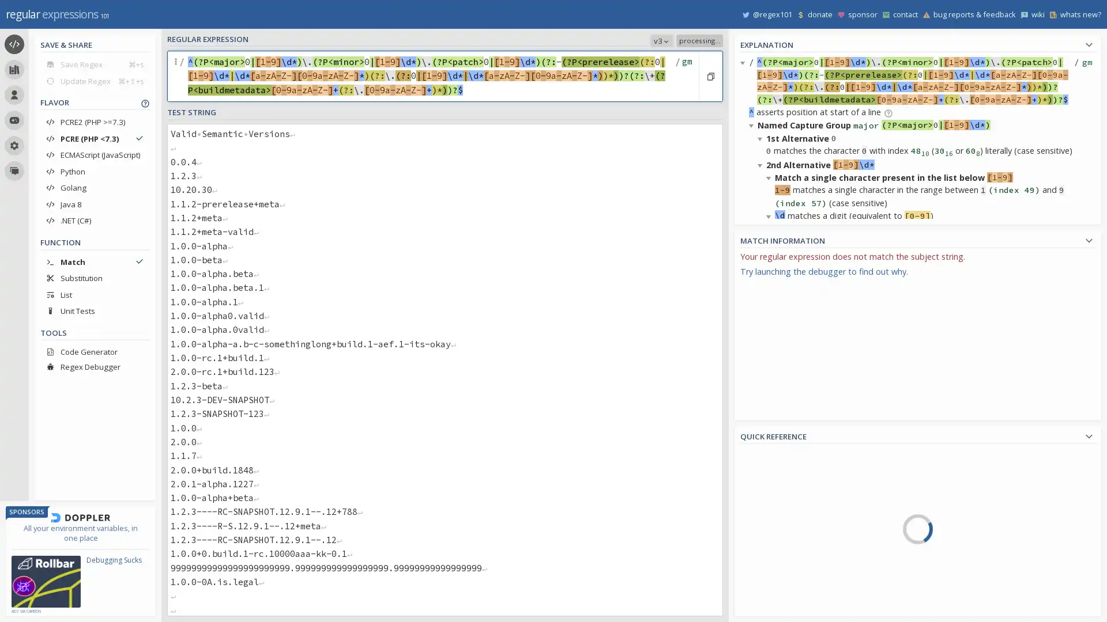  What do you see at coordinates (794, 494) in the screenshot?
I see `Common Tokens` at bounding box center [794, 494].